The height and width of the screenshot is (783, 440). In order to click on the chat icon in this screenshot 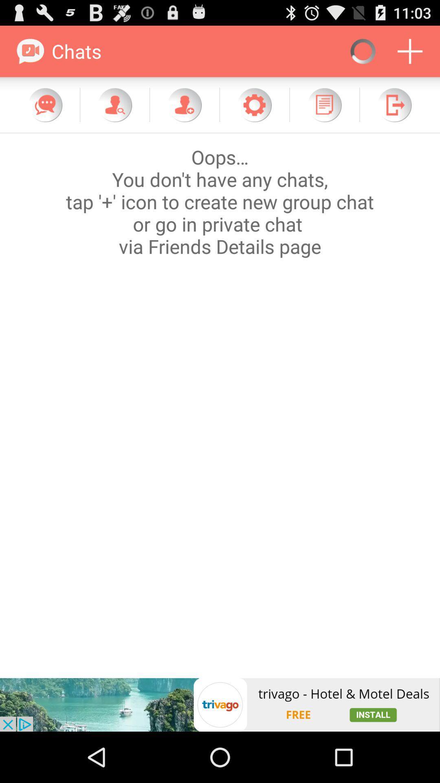, I will do `click(45, 112)`.